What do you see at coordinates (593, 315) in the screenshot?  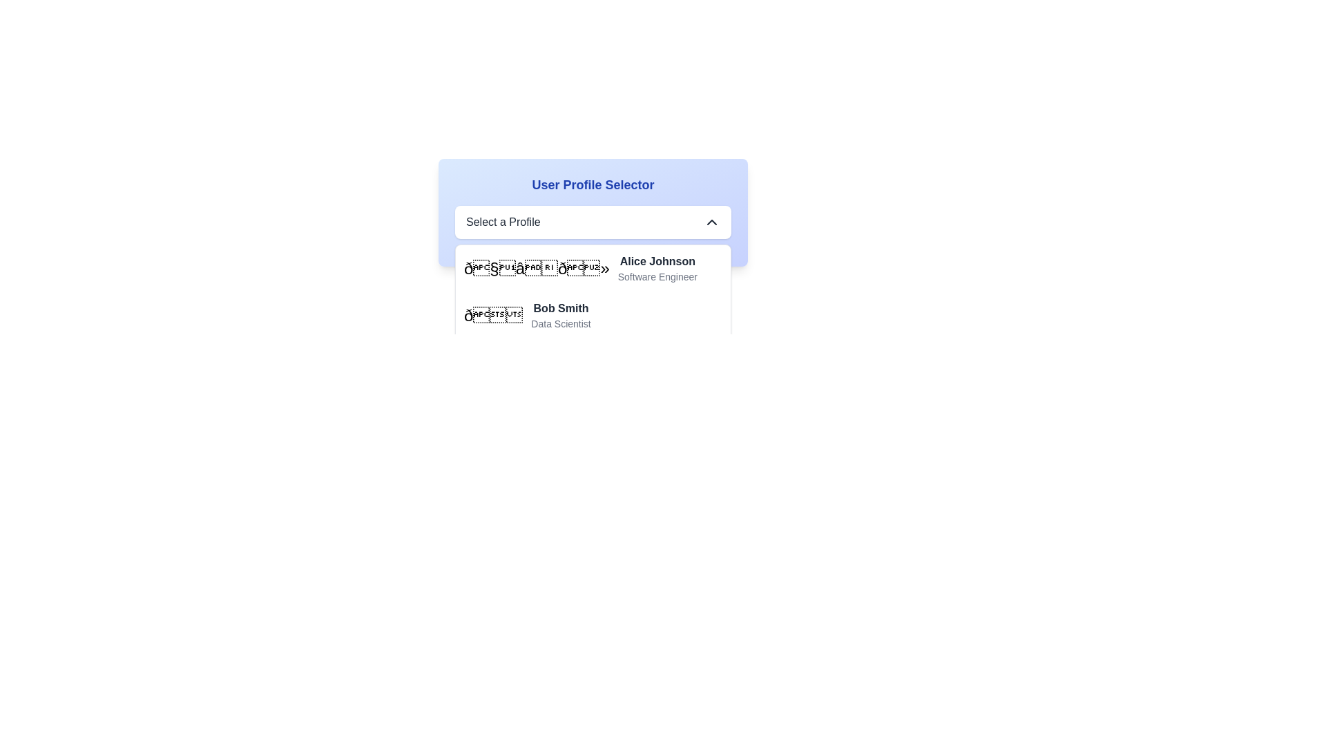 I see `the selectable profile item 'Bob Smith' in the dropdown list` at bounding box center [593, 315].